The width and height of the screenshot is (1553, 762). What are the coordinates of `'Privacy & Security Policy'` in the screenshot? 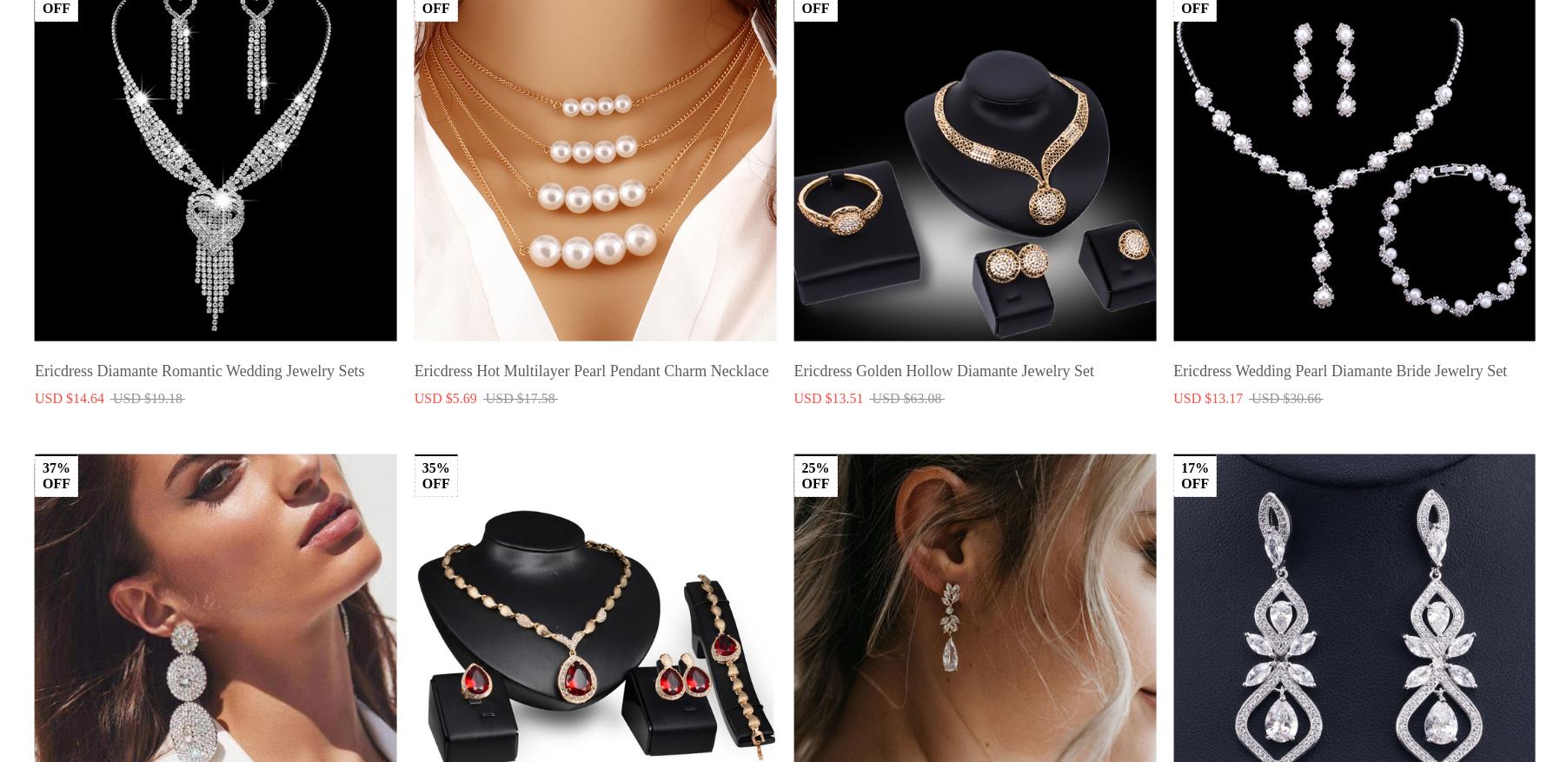 It's located at (684, 728).